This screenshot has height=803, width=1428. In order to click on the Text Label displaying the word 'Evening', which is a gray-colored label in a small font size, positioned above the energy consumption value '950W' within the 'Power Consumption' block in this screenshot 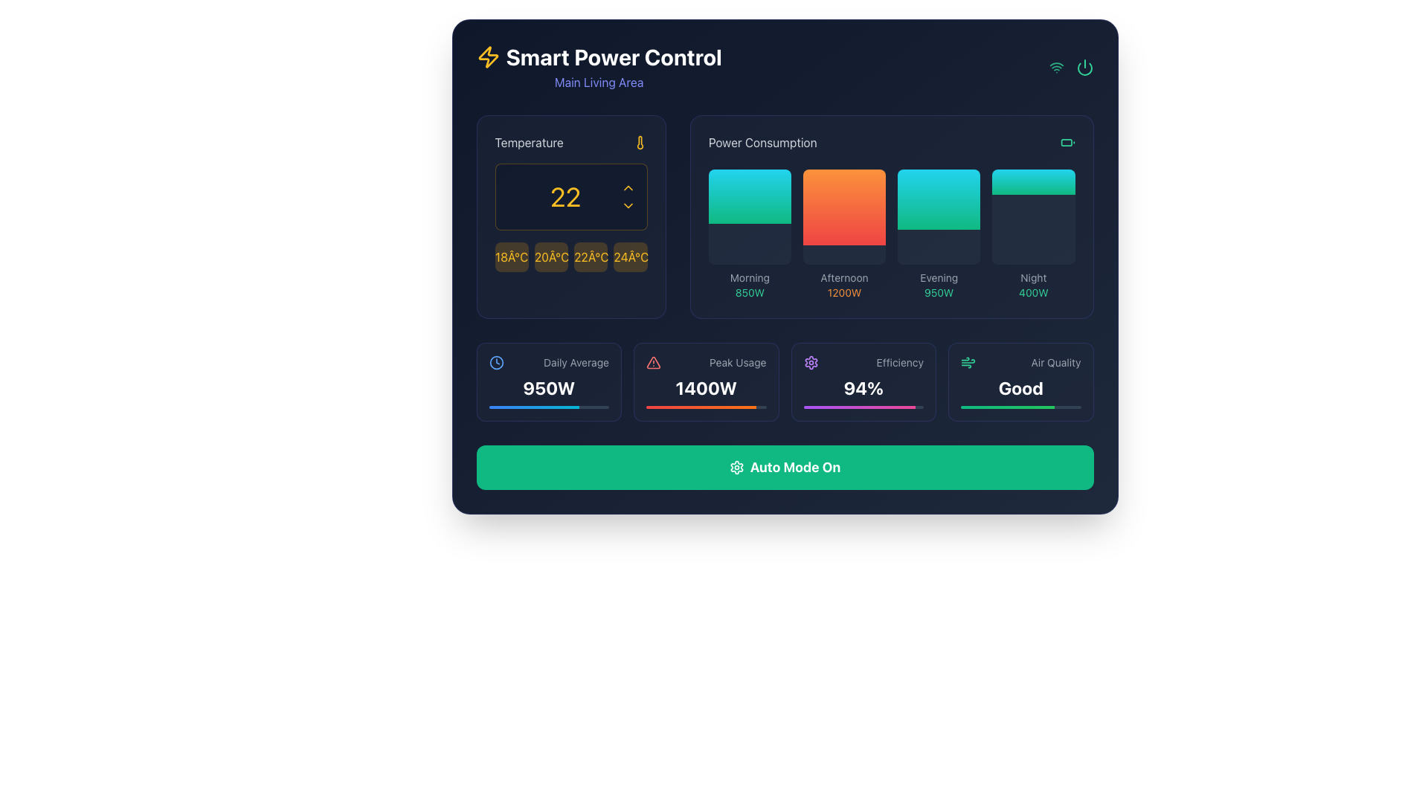, I will do `click(938, 278)`.